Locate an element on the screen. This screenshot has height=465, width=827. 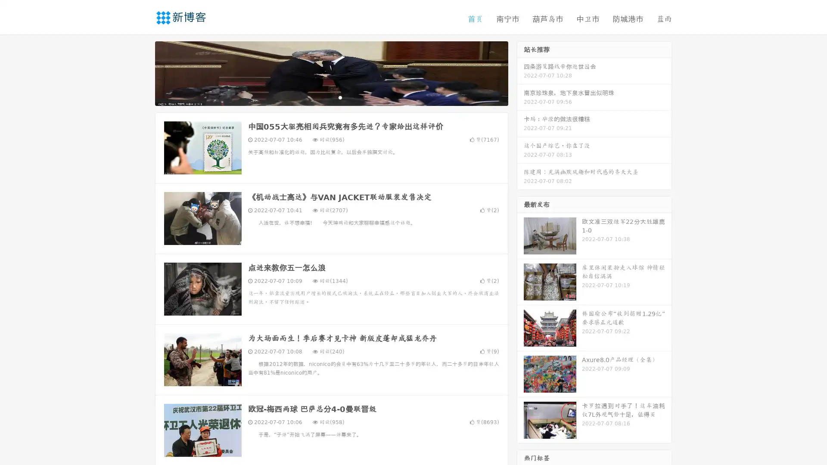
Go to slide 2 is located at coordinates (331, 97).